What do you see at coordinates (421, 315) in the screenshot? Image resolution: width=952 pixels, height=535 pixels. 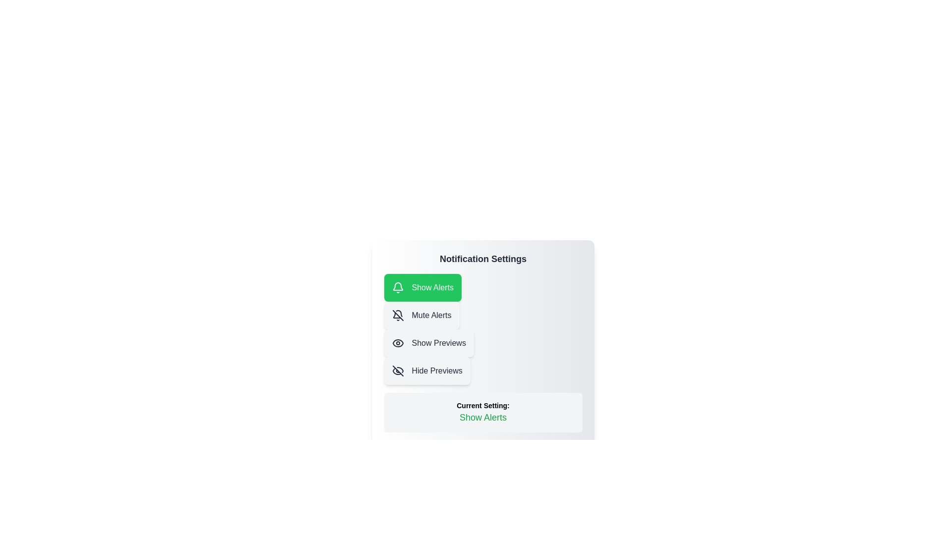 I see `the notification setting Mute Alerts by clicking the corresponding button` at bounding box center [421, 315].